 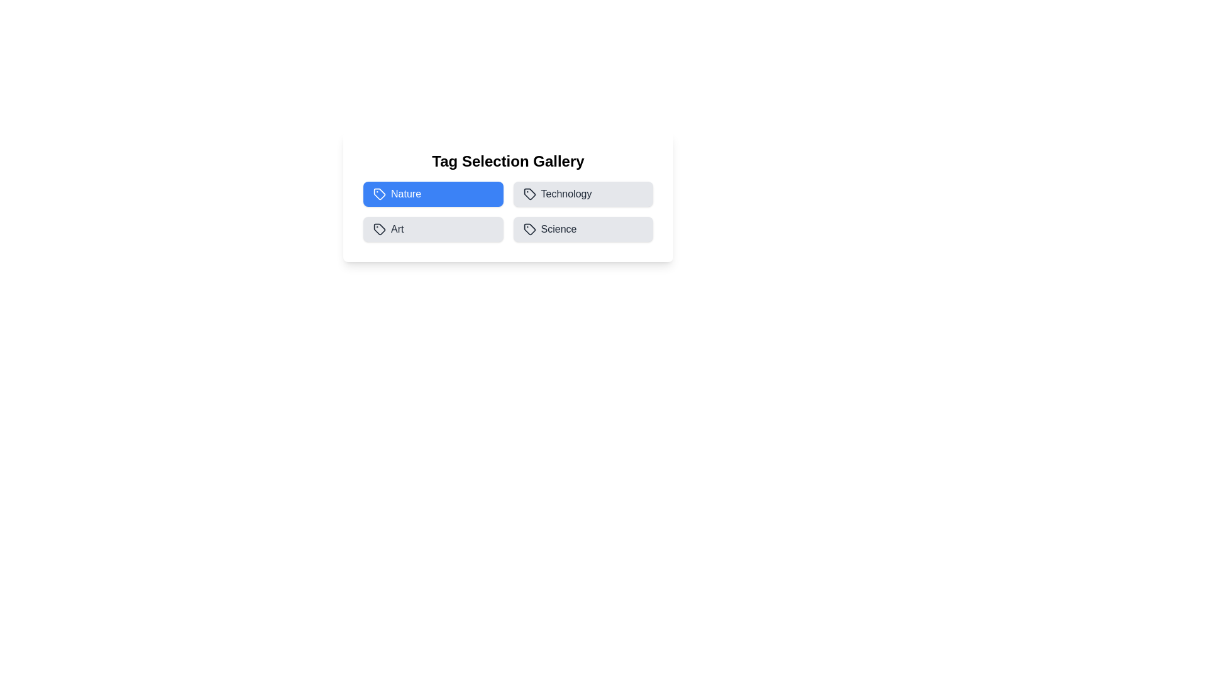 I want to click on the Science tag, so click(x=582, y=229).